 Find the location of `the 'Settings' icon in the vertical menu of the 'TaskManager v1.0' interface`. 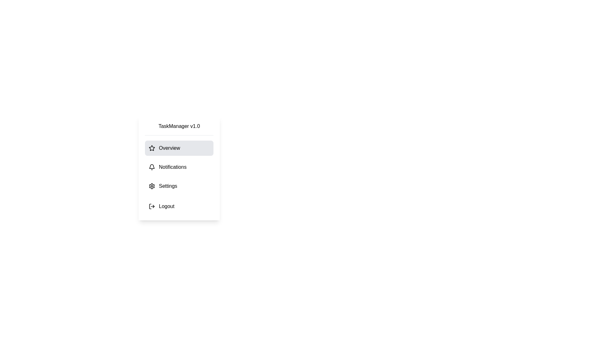

the 'Settings' icon in the vertical menu of the 'TaskManager v1.0' interface is located at coordinates (152, 186).